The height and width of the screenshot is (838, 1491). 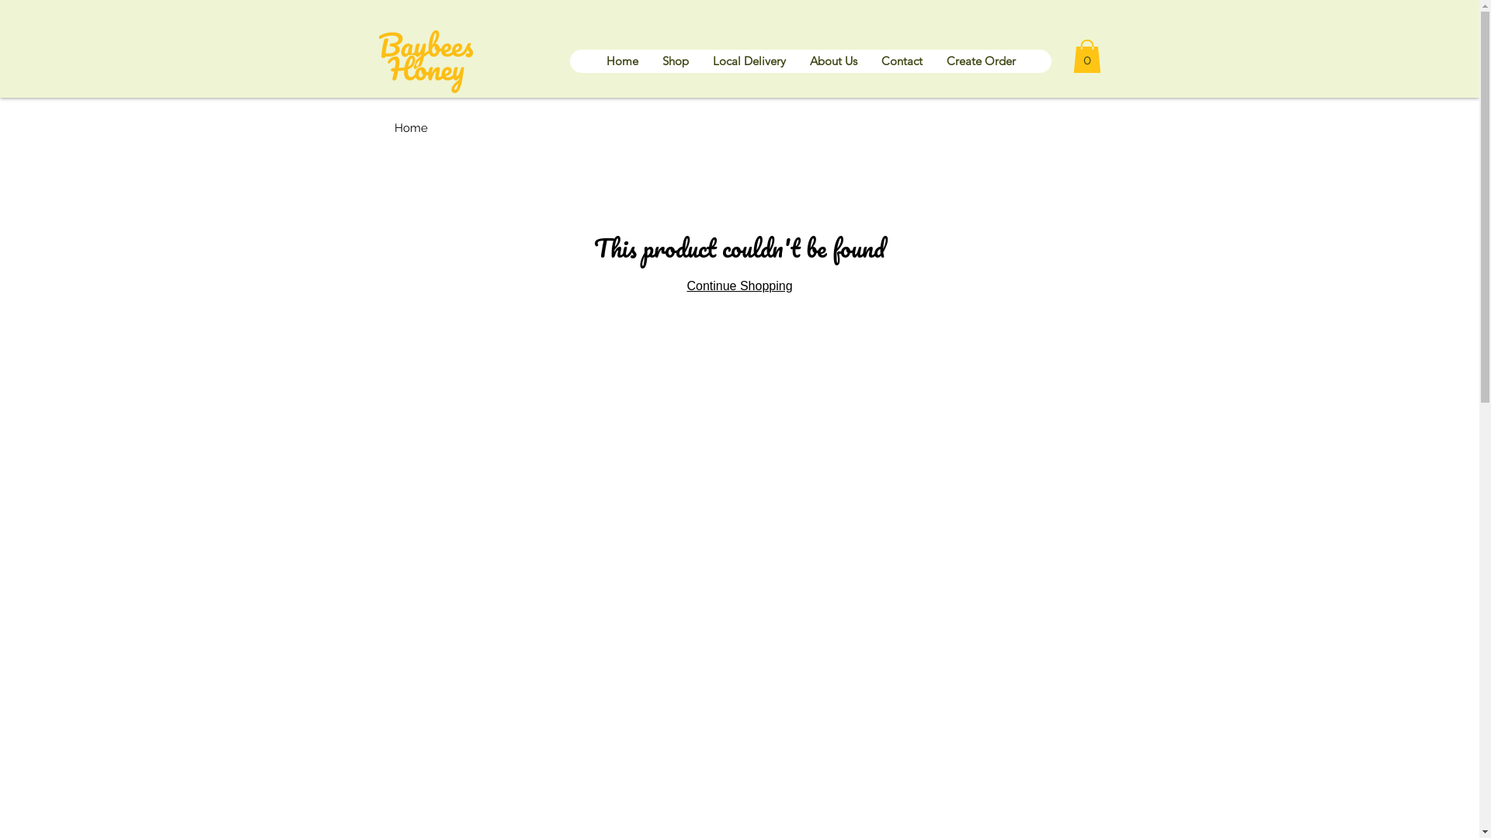 I want to click on 'About Us', so click(x=797, y=60).